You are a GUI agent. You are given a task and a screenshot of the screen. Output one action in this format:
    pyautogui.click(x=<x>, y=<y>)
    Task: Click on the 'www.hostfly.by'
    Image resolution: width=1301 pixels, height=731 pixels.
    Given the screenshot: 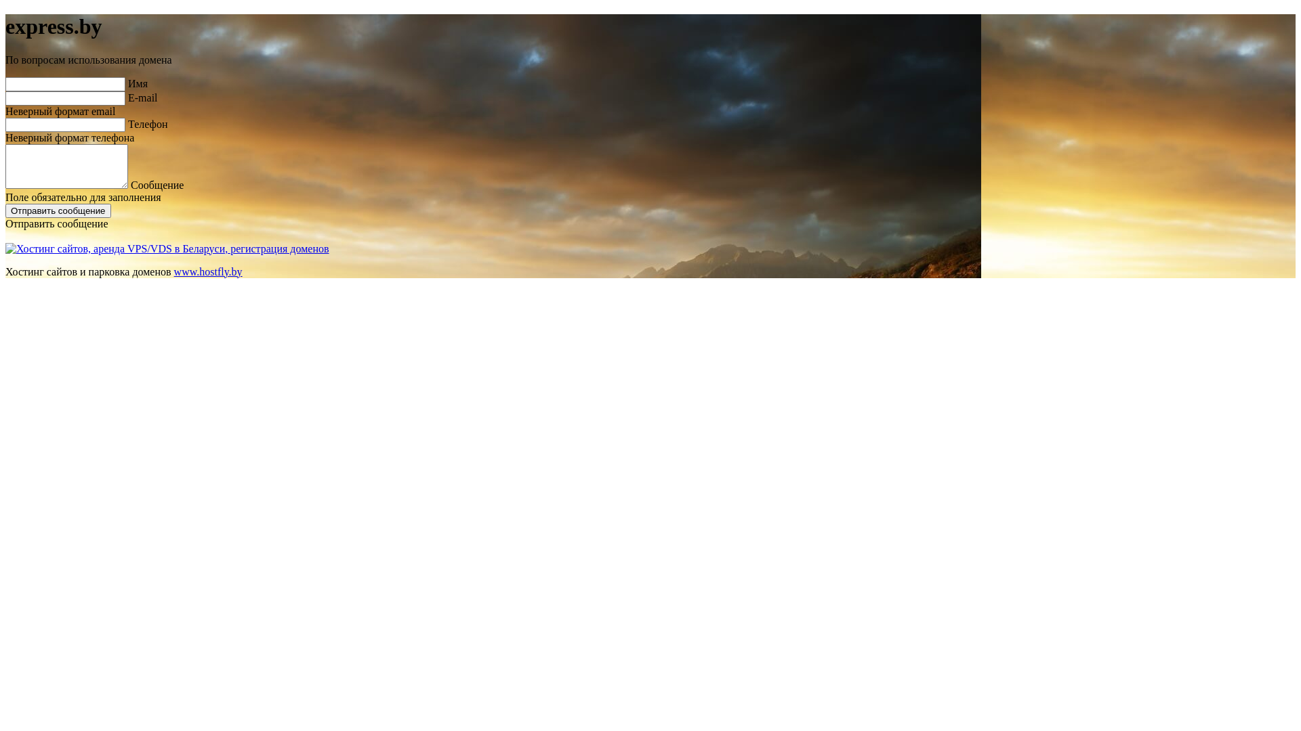 What is the action you would take?
    pyautogui.click(x=207, y=271)
    